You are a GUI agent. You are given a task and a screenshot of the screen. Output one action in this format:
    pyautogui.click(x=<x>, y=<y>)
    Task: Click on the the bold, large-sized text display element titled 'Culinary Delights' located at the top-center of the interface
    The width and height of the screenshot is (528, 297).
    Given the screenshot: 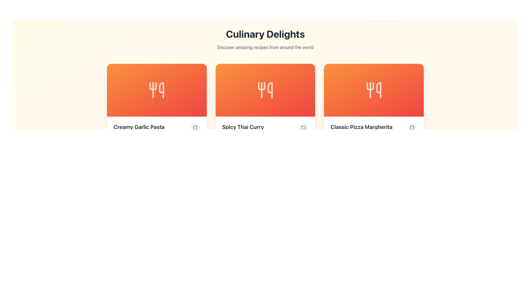 What is the action you would take?
    pyautogui.click(x=265, y=34)
    